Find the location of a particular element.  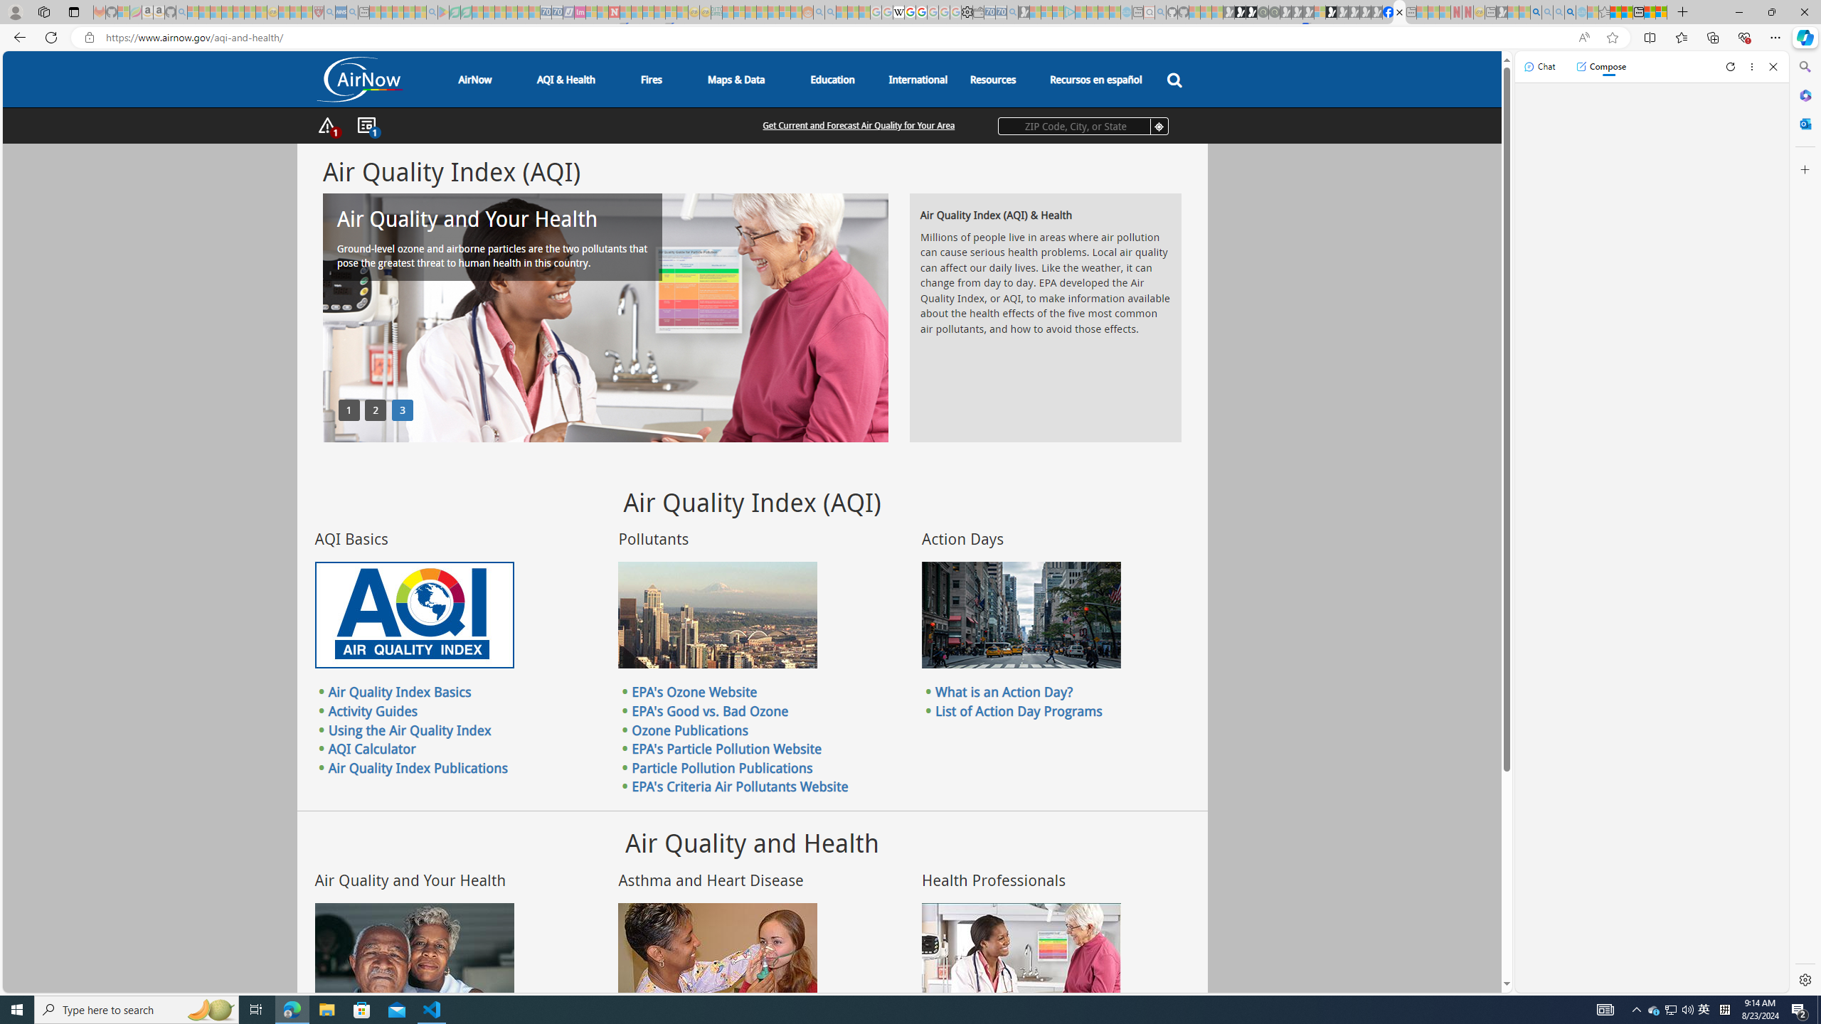

'List of Action Day Programs' is located at coordinates (1018, 710).